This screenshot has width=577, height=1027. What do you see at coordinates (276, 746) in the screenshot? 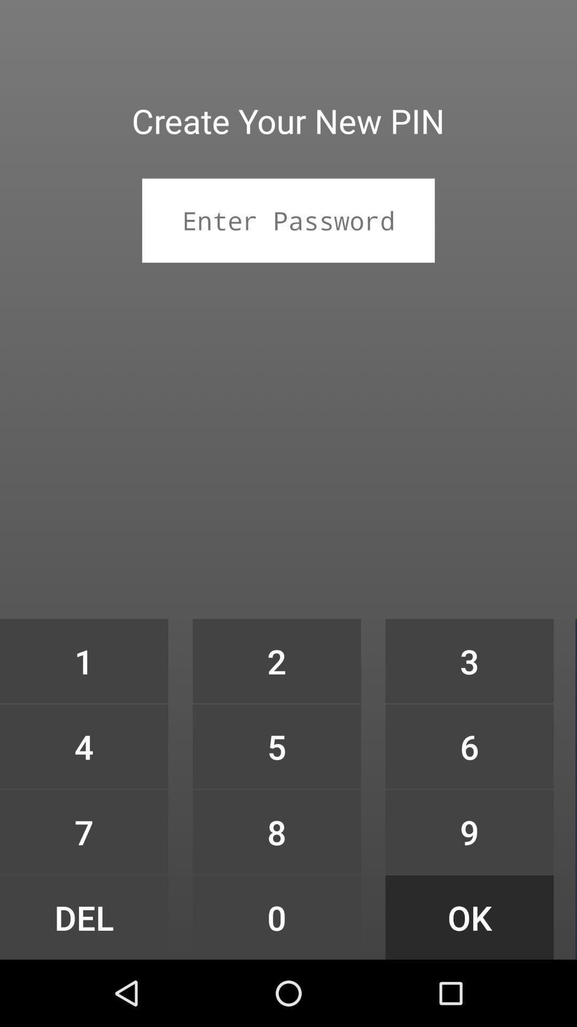
I see `the icon next to the 1 item` at bounding box center [276, 746].